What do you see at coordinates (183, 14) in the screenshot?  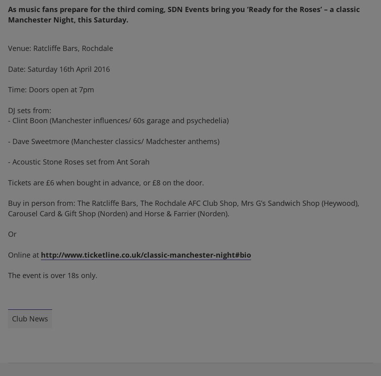 I see `'As music fans prepare for the third coming, SDN Events bring you ‘Ready for the Roses’ – a classic Manchester Night, this Saturday.'` at bounding box center [183, 14].